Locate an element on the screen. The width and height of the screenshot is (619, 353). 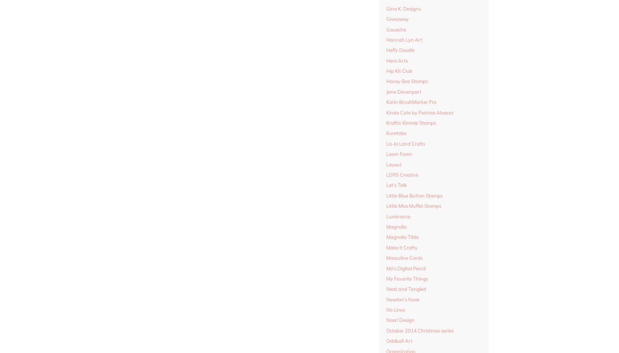
'Oddball Art' is located at coordinates (399, 341).